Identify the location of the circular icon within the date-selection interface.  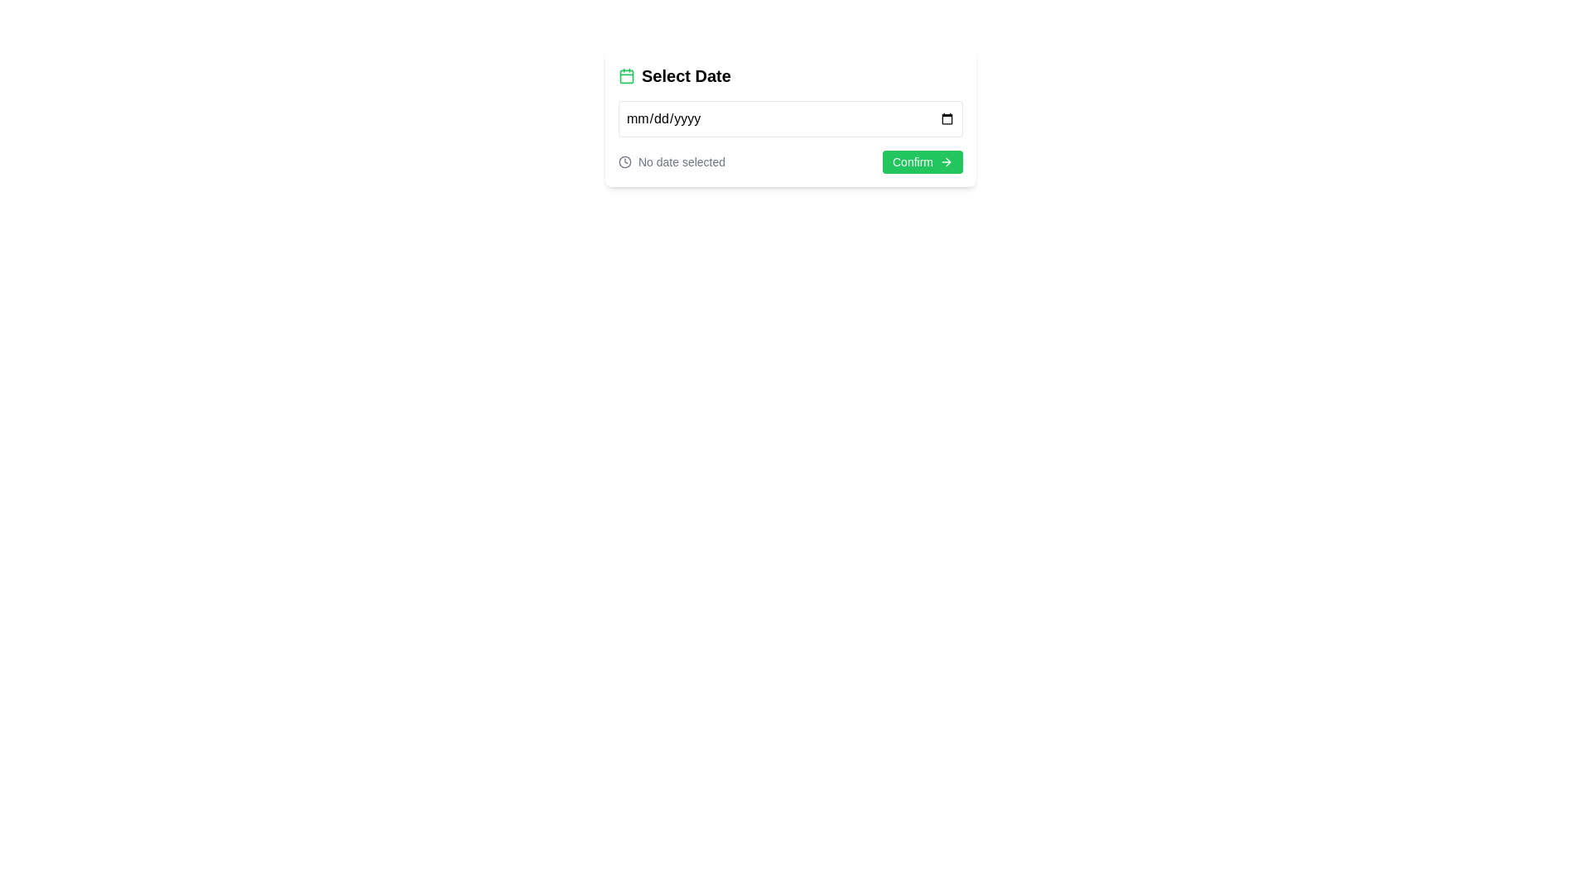
(624, 162).